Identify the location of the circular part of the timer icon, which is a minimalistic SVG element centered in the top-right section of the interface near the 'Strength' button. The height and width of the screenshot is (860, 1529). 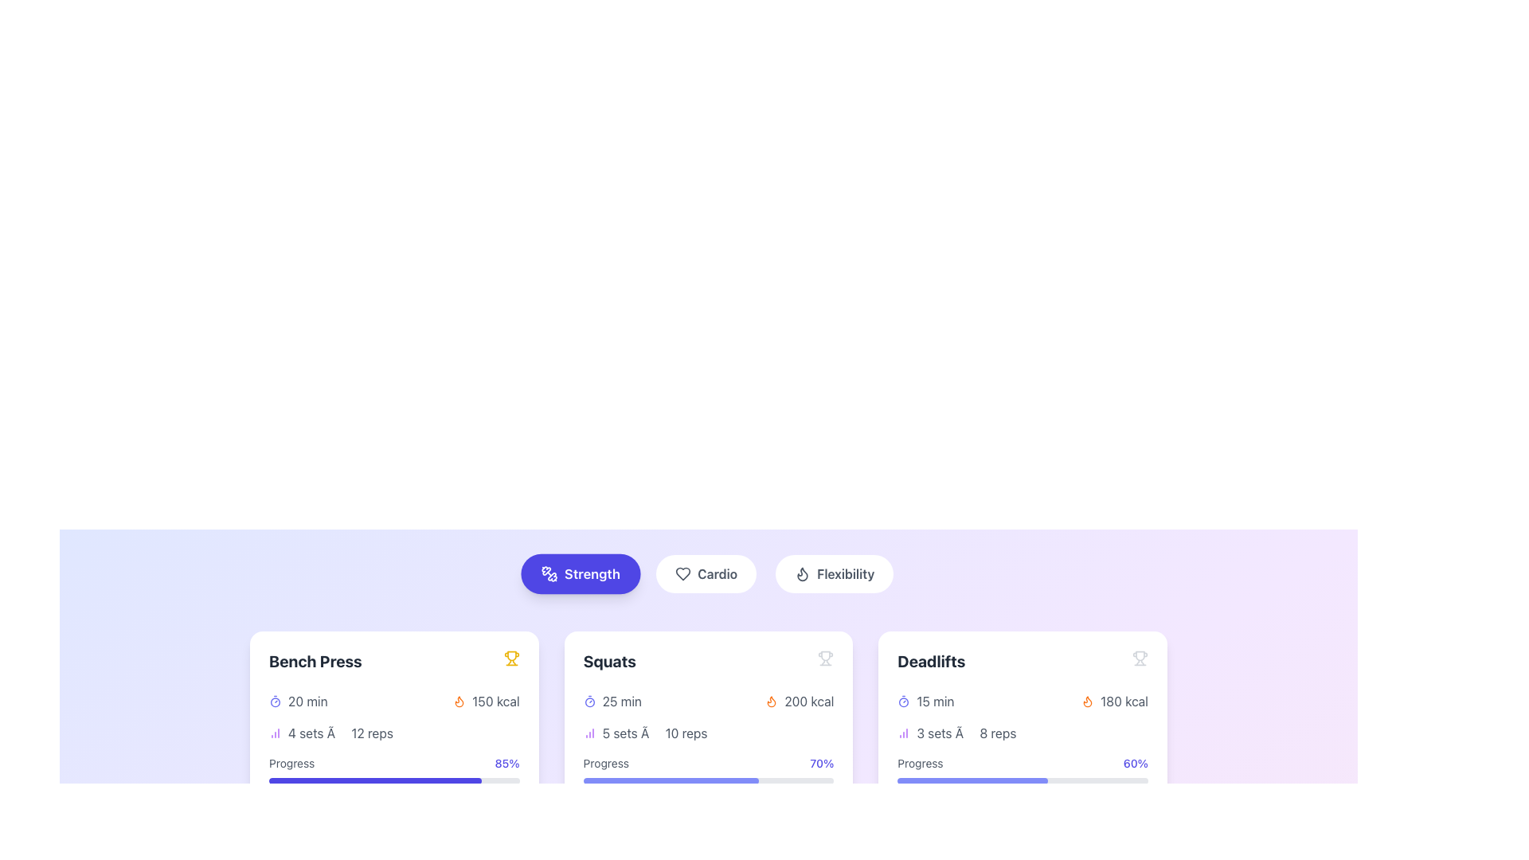
(275, 702).